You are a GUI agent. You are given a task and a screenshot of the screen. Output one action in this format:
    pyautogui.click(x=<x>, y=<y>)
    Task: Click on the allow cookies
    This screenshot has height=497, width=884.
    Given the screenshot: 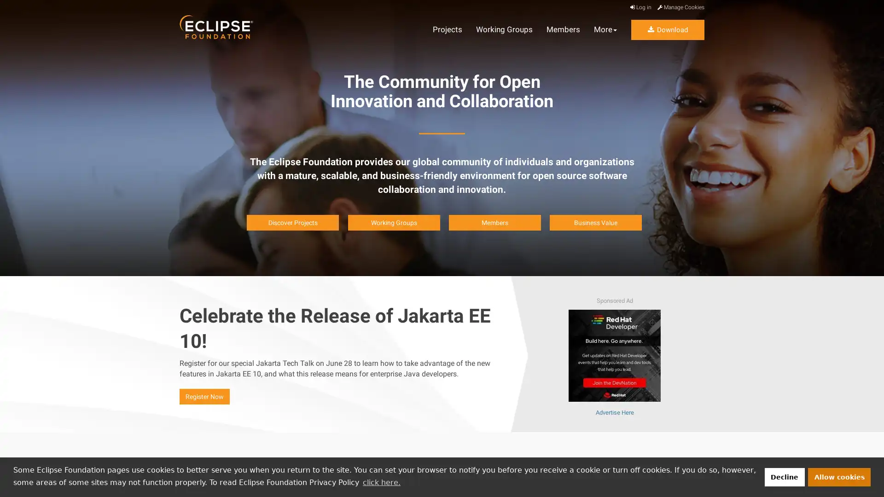 What is the action you would take?
    pyautogui.click(x=839, y=476)
    